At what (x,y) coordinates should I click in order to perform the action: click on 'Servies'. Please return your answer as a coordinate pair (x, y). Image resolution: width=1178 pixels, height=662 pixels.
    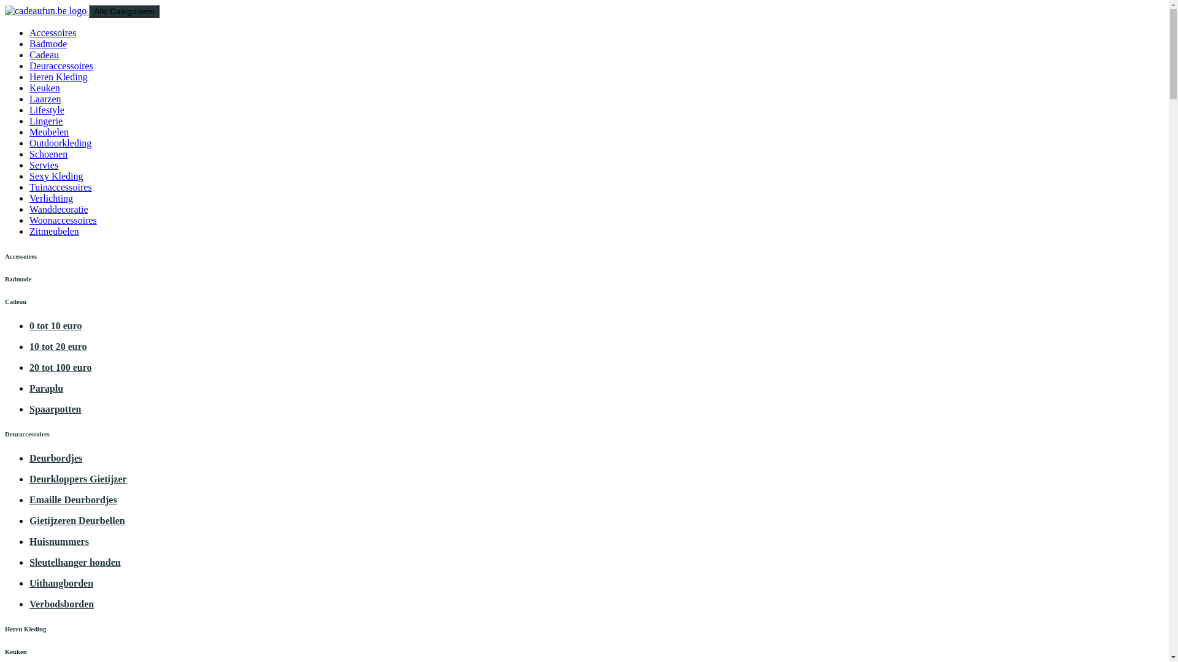
    Looking at the image, I should click on (44, 164).